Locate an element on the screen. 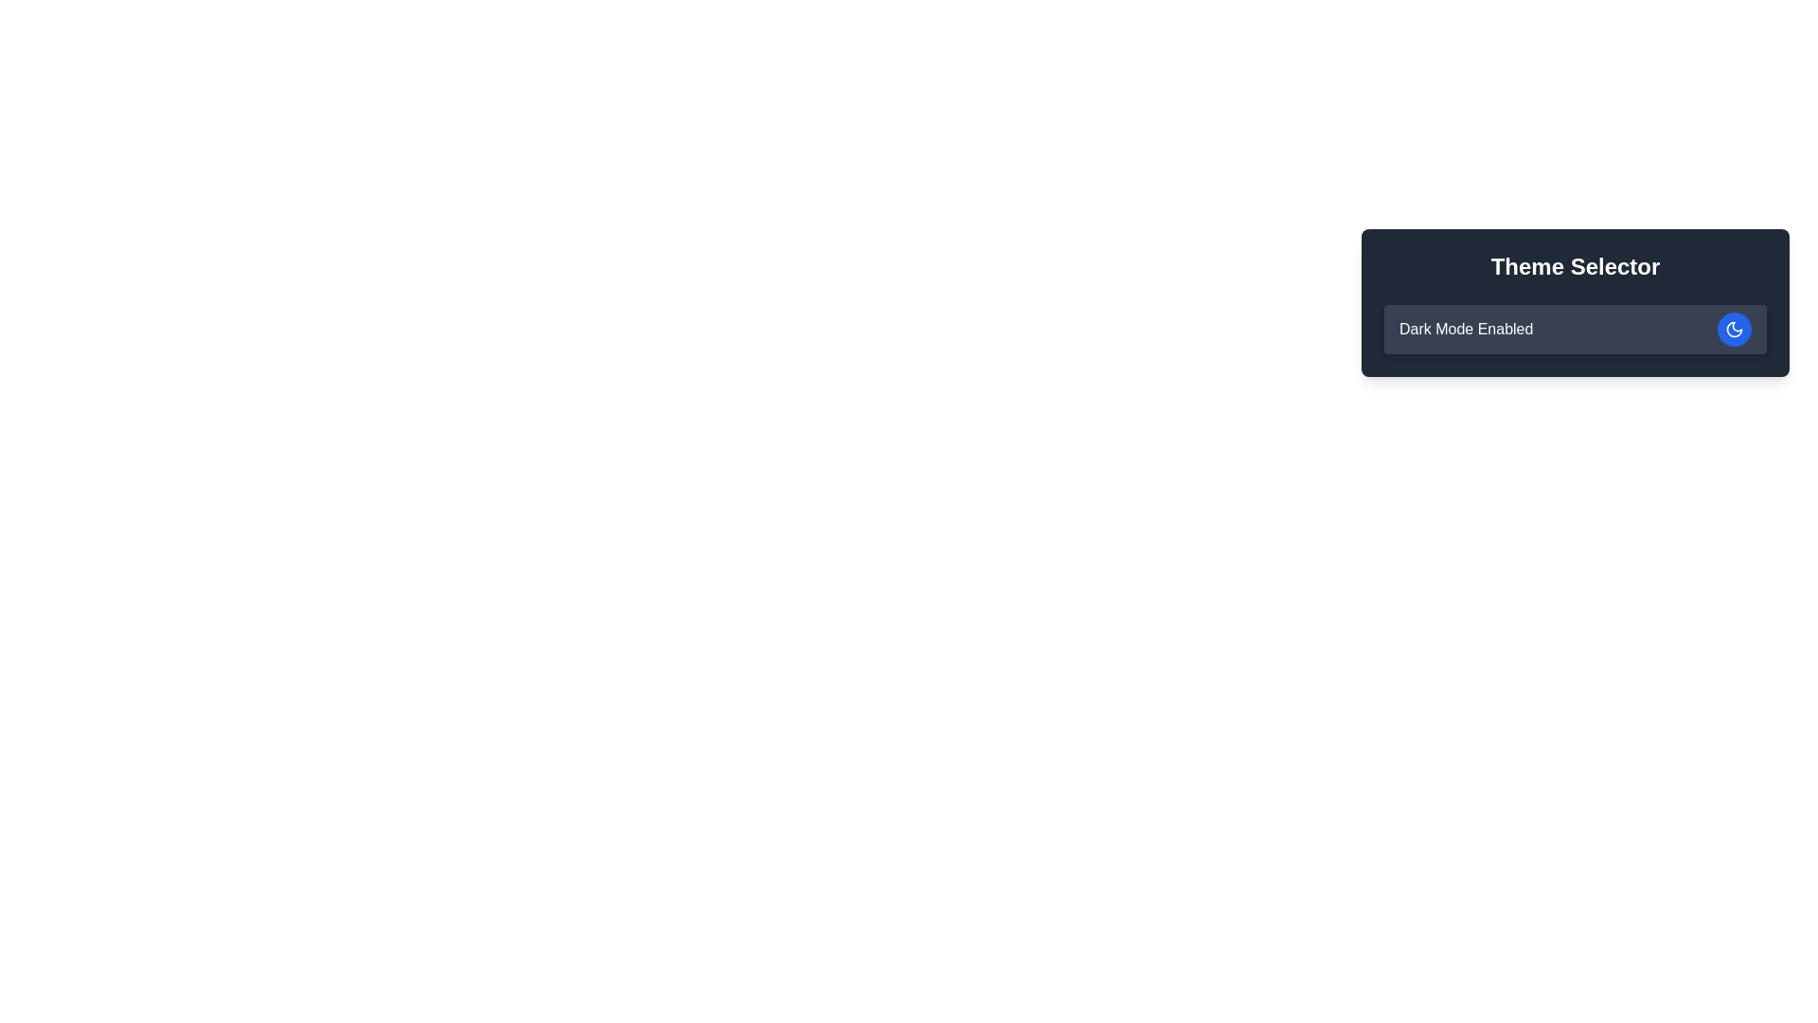 The height and width of the screenshot is (1023, 1818). the circular blue button with a white moon icon is located at coordinates (1735, 328).